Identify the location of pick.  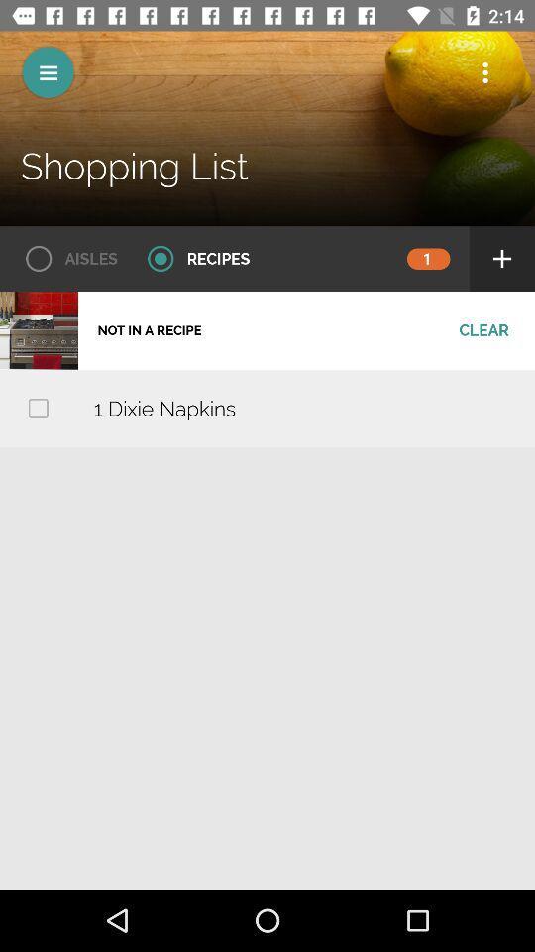
(38, 407).